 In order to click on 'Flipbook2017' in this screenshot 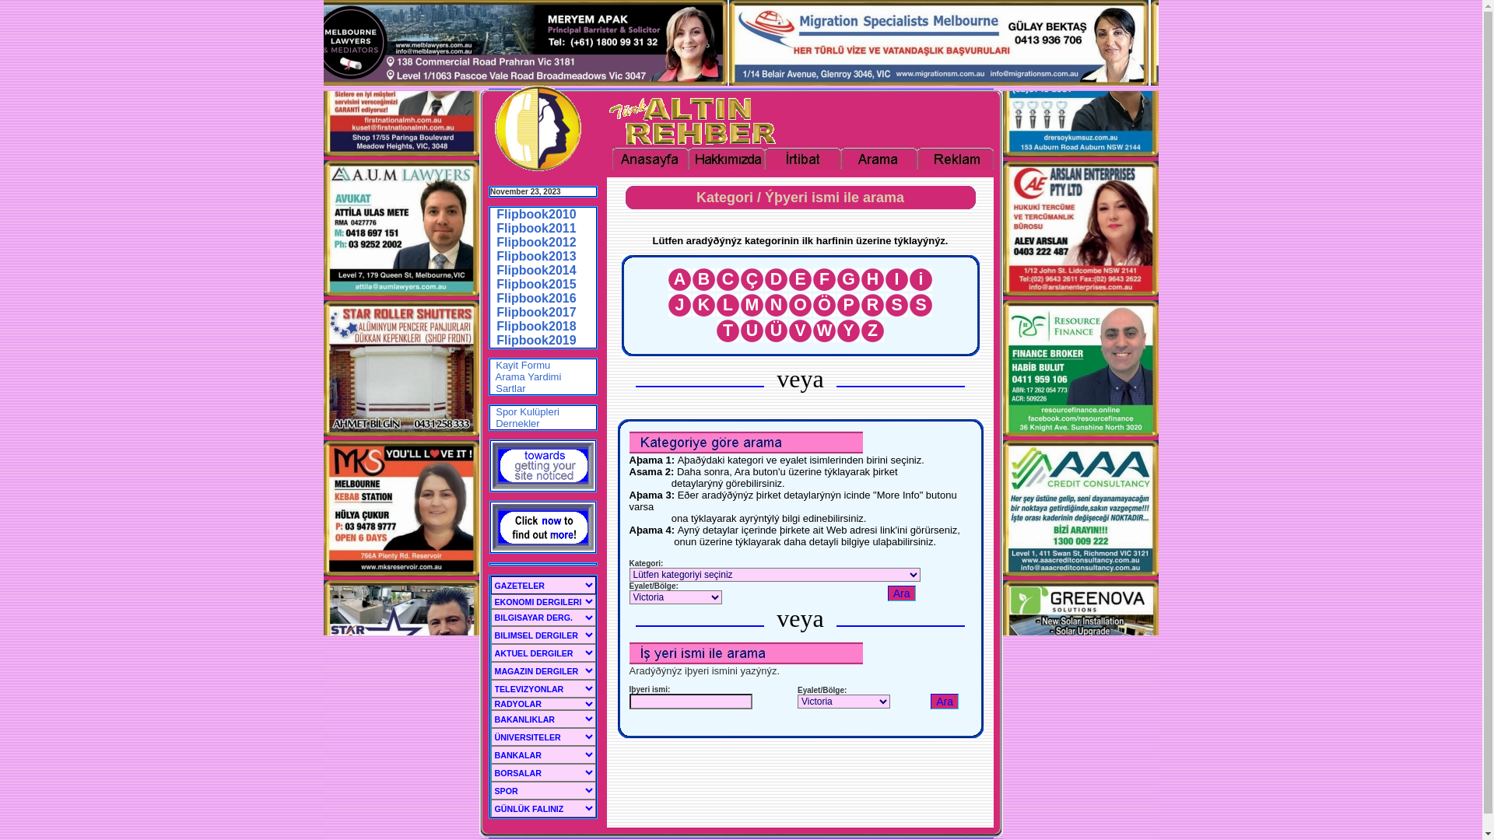, I will do `click(536, 312)`.